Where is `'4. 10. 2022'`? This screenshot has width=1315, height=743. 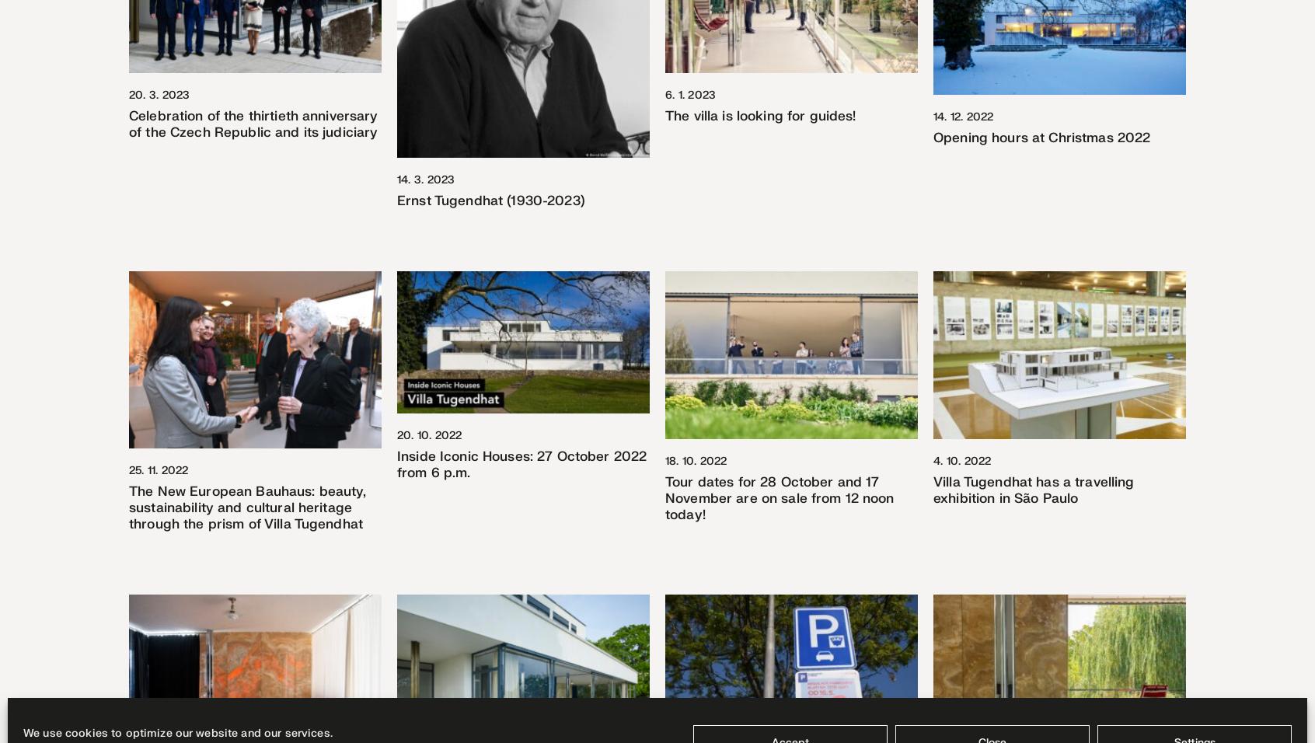 '4. 10. 2022' is located at coordinates (962, 460).